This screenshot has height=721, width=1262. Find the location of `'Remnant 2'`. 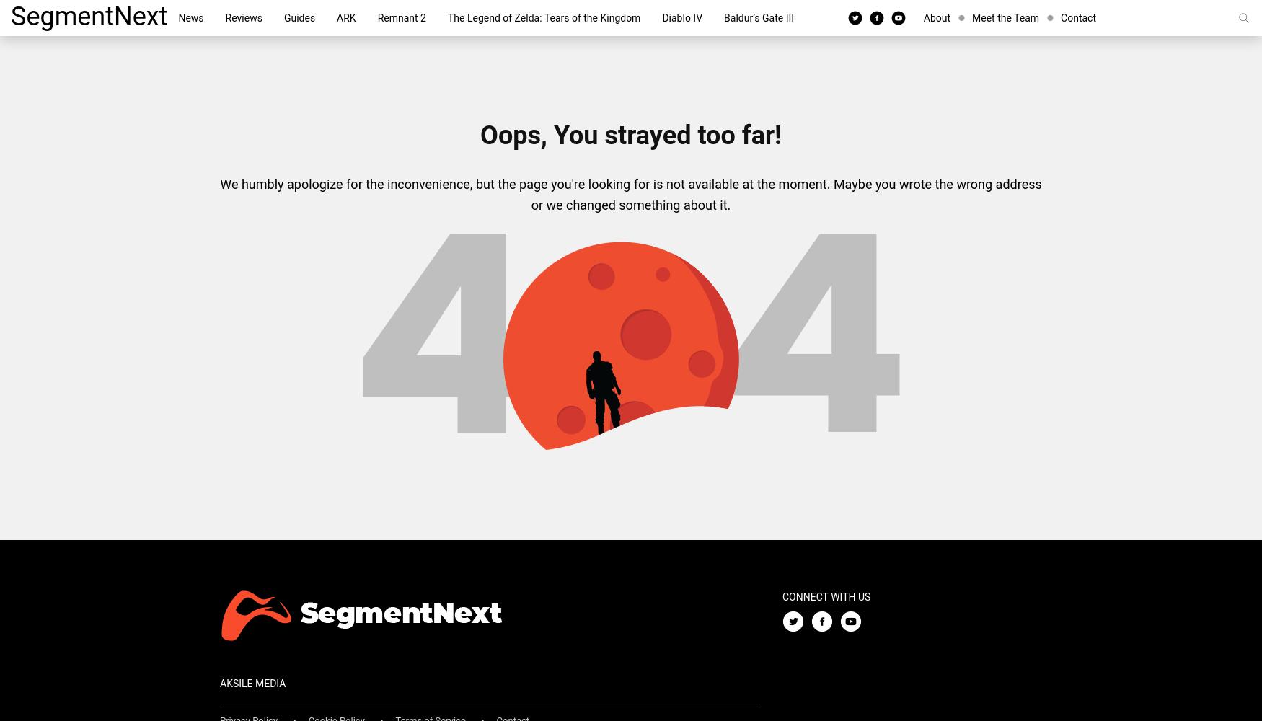

'Remnant 2' is located at coordinates (376, 18).